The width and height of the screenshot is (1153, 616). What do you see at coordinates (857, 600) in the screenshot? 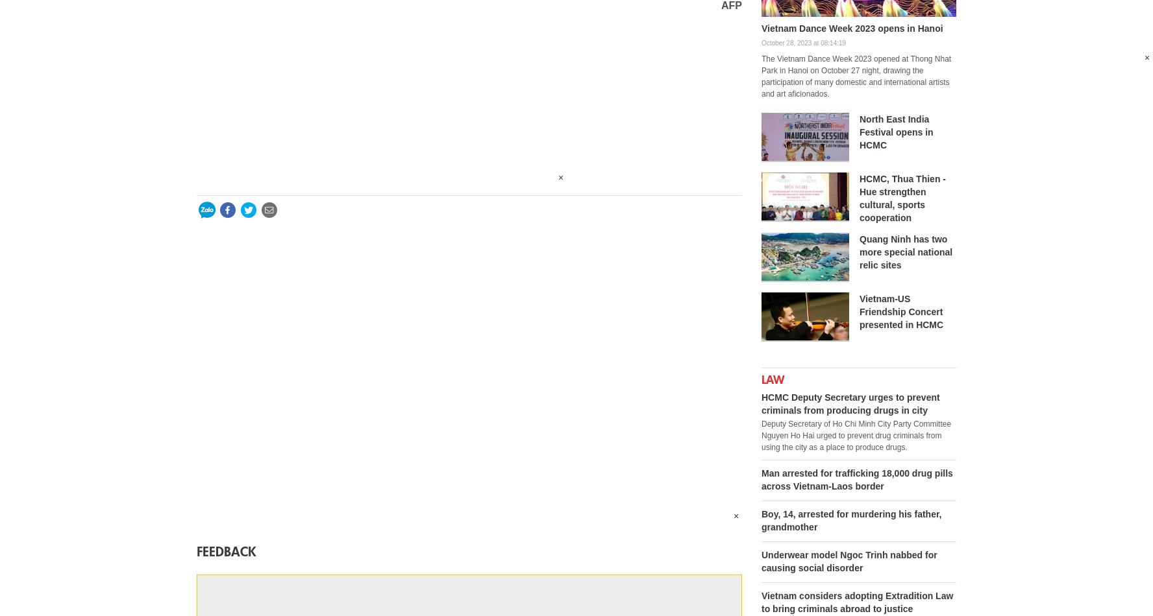
I see `'Vietnam considers adopting Extradition Law to bring criminals abroad to justice'` at bounding box center [857, 600].